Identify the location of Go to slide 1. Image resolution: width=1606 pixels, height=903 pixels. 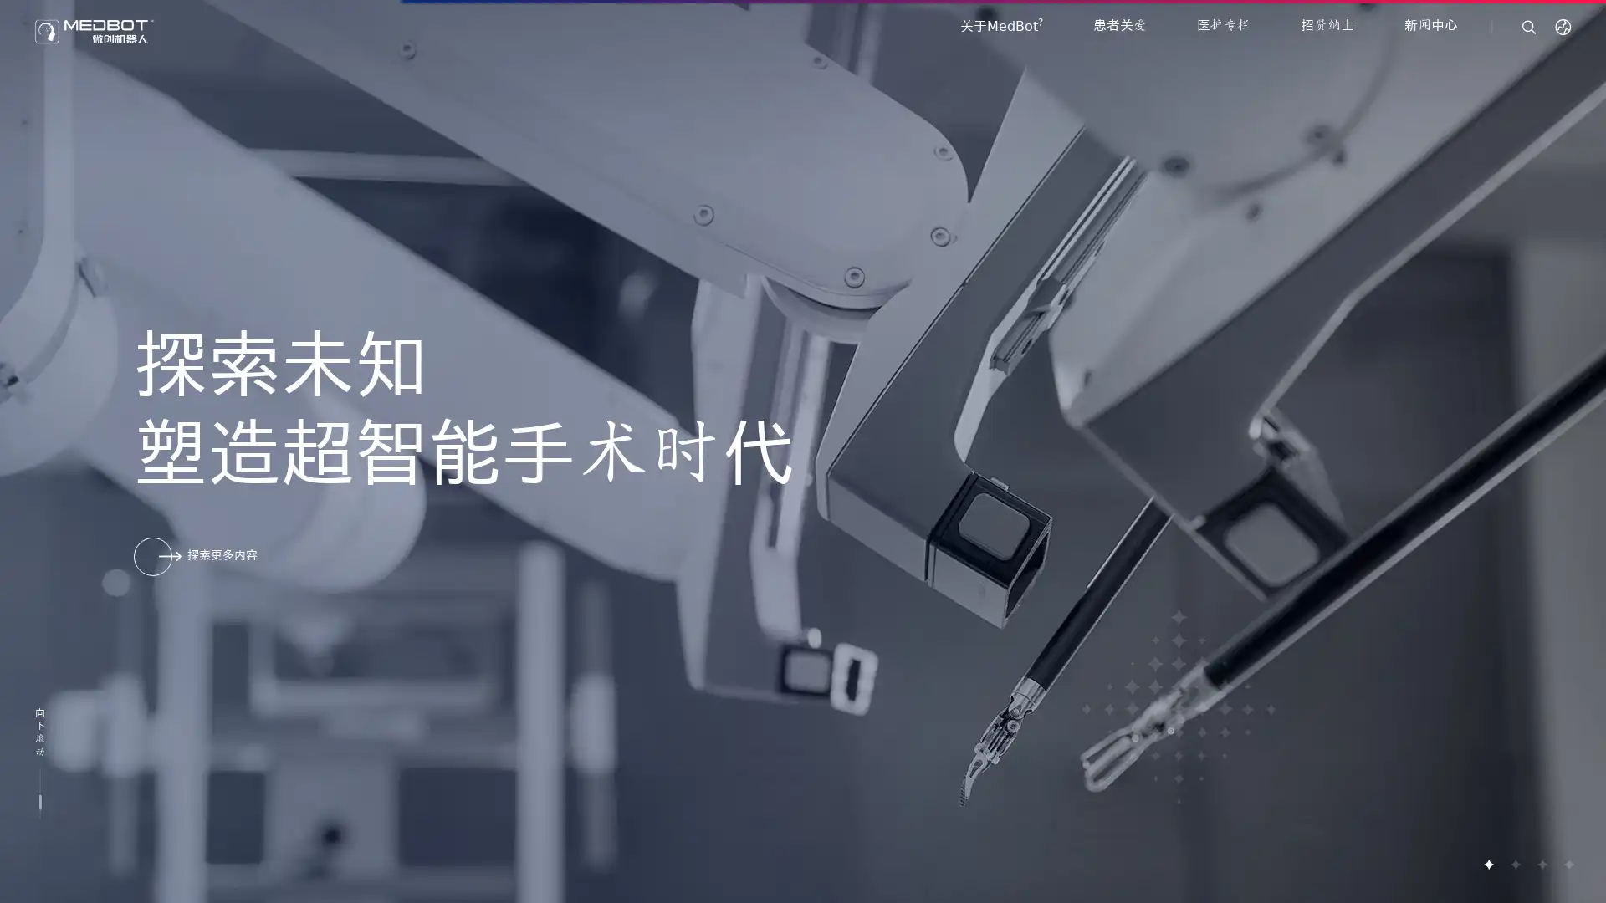
(1488, 864).